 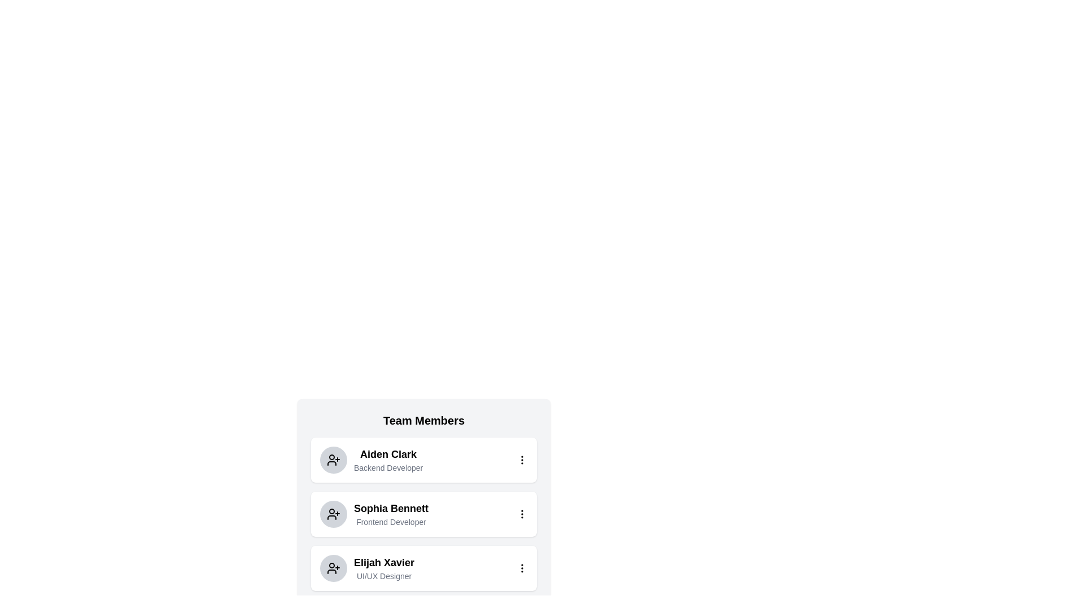 I want to click on the vertical ellipsis icon in the upper-right corner of the card for Sophia Bennett, so click(x=522, y=514).